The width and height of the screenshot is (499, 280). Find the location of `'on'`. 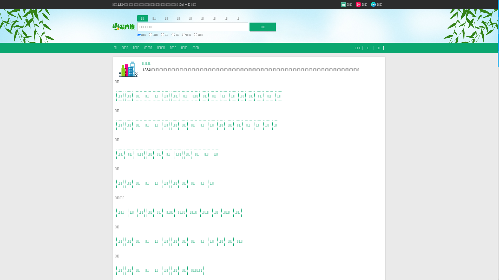

'on' is located at coordinates (173, 34).